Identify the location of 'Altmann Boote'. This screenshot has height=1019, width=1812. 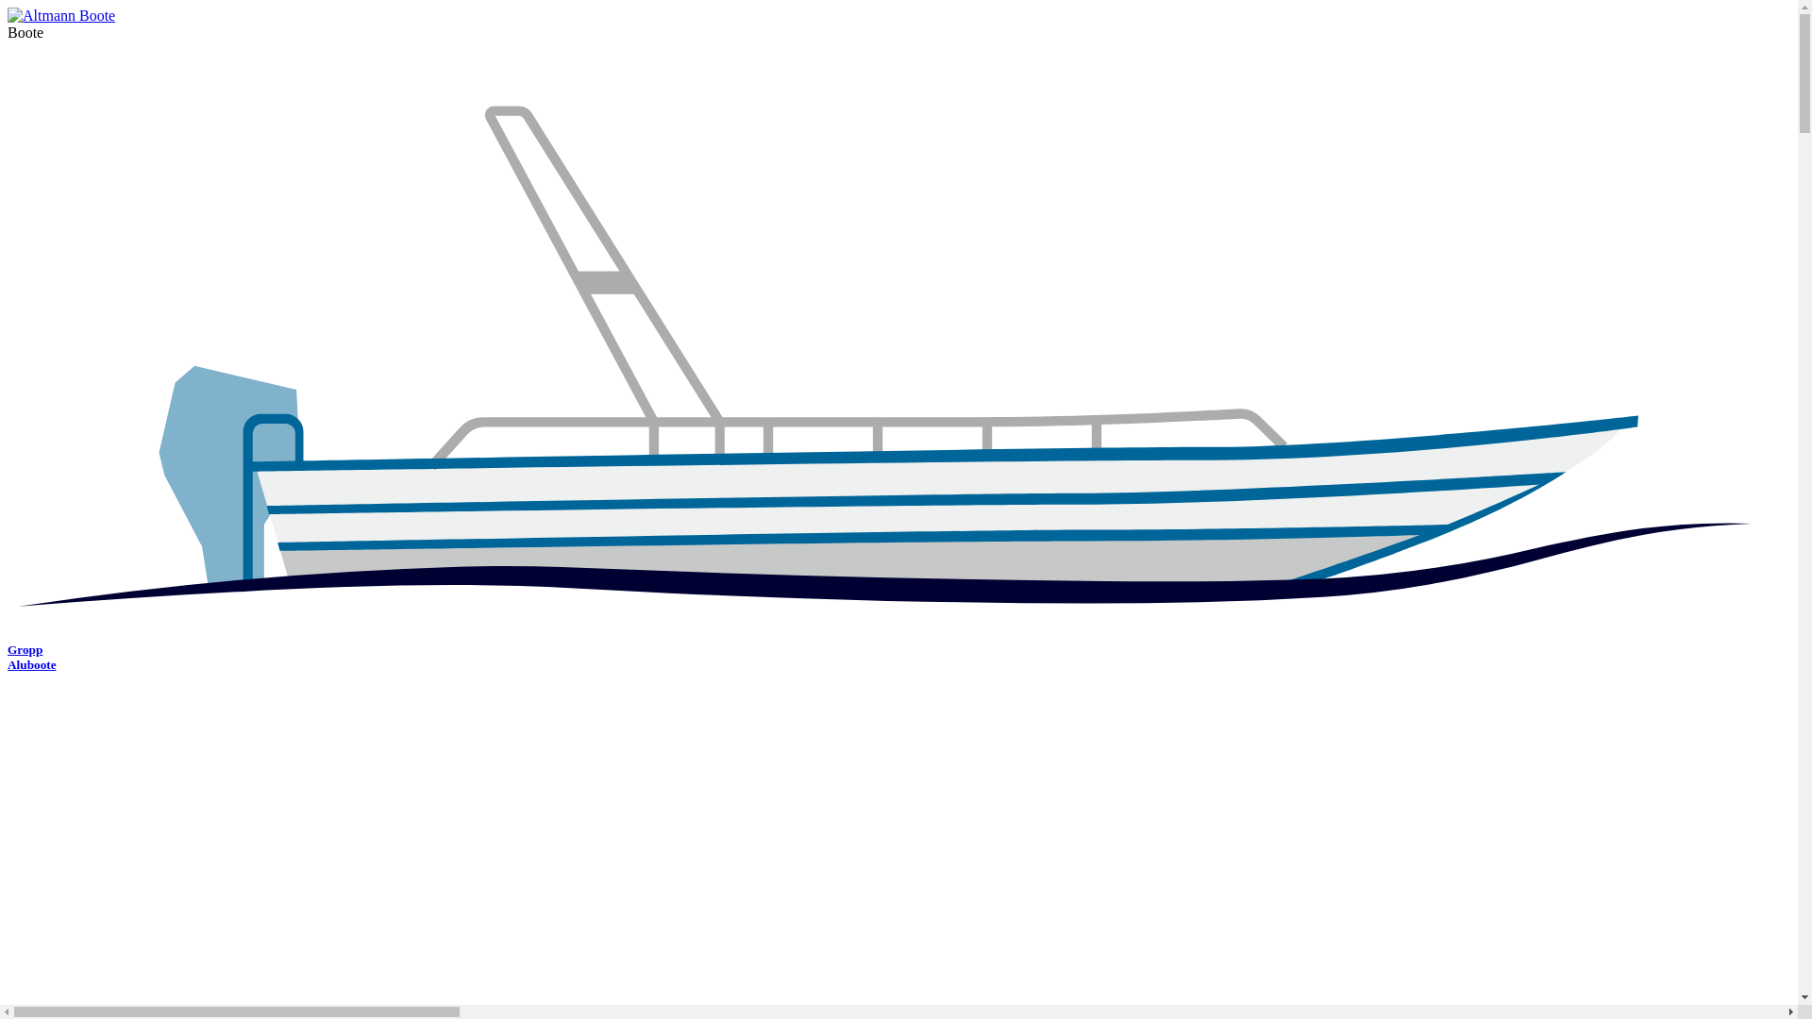
(61, 15).